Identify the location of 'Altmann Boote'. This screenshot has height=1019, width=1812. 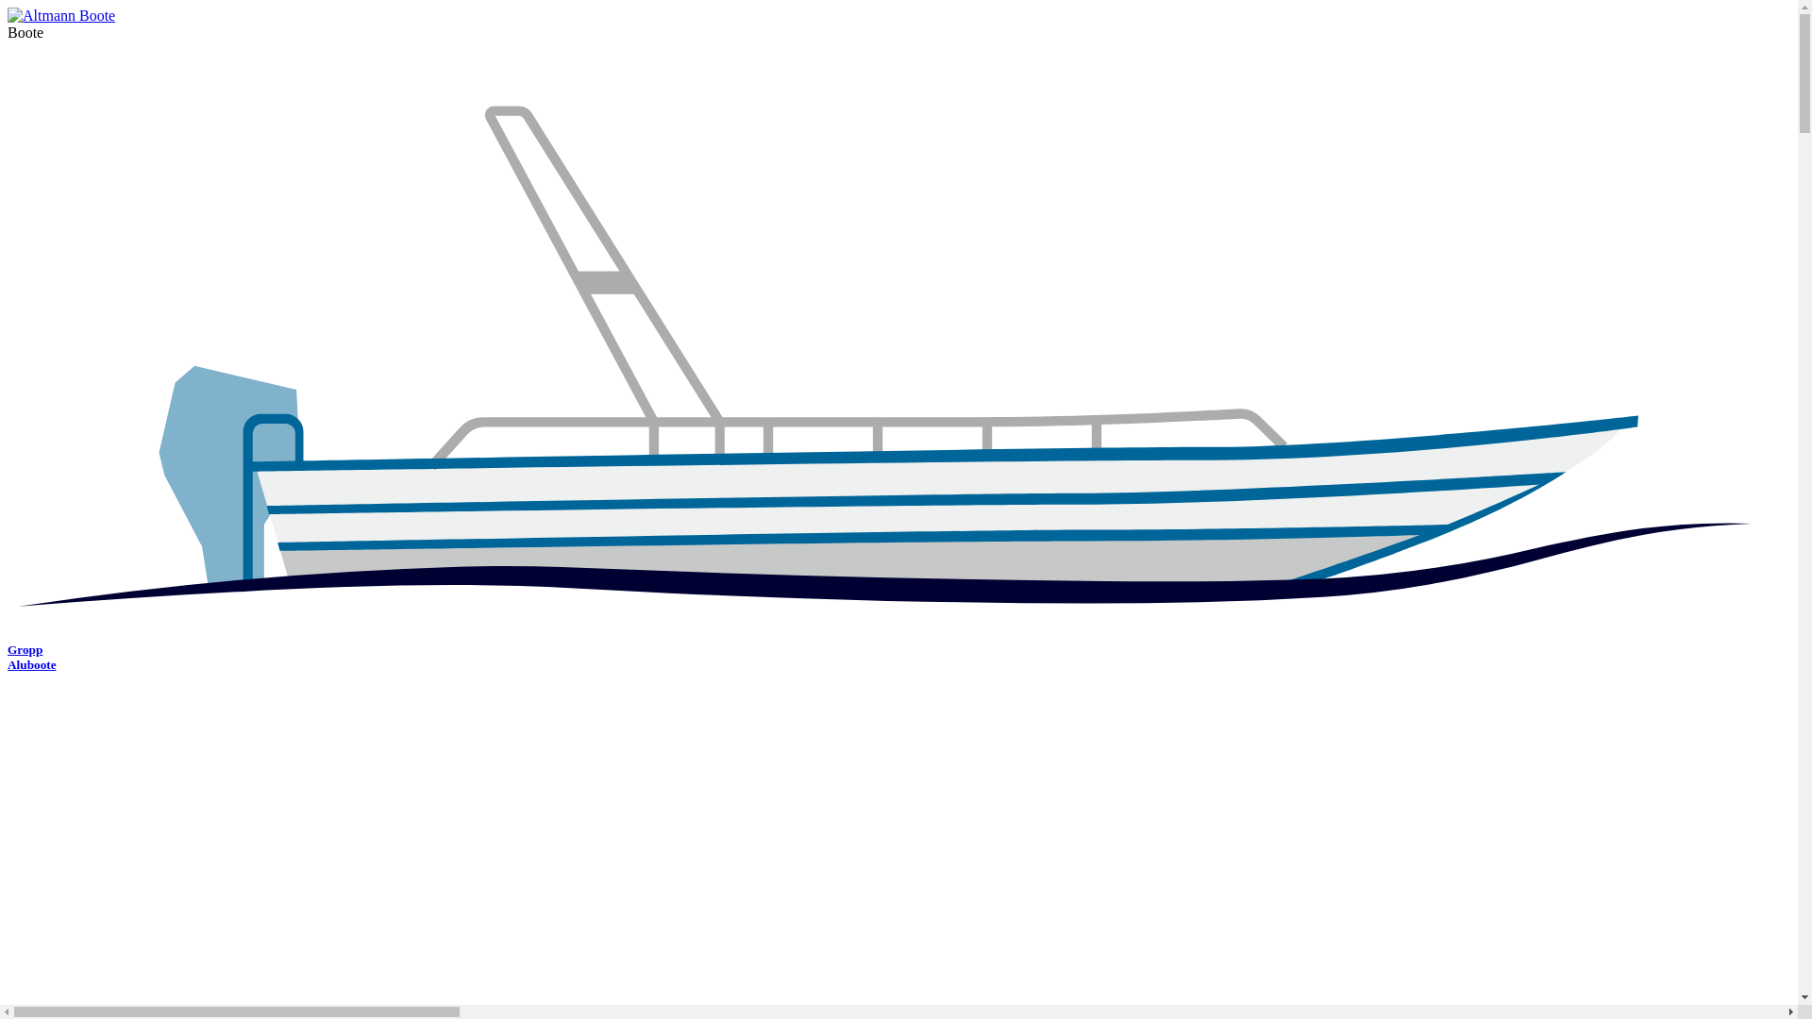
(61, 15).